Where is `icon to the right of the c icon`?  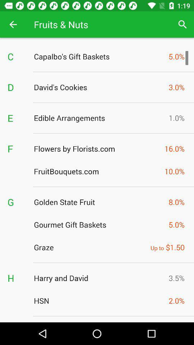 icon to the right of the c icon is located at coordinates (99, 56).